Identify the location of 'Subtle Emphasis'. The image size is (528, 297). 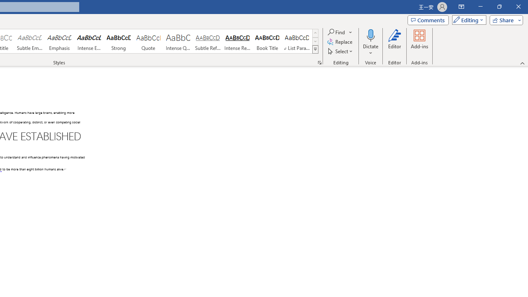
(29, 41).